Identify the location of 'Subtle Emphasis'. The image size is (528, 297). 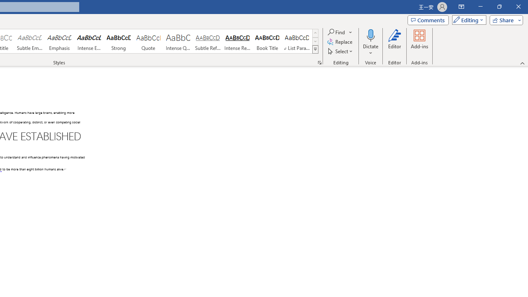
(29, 41).